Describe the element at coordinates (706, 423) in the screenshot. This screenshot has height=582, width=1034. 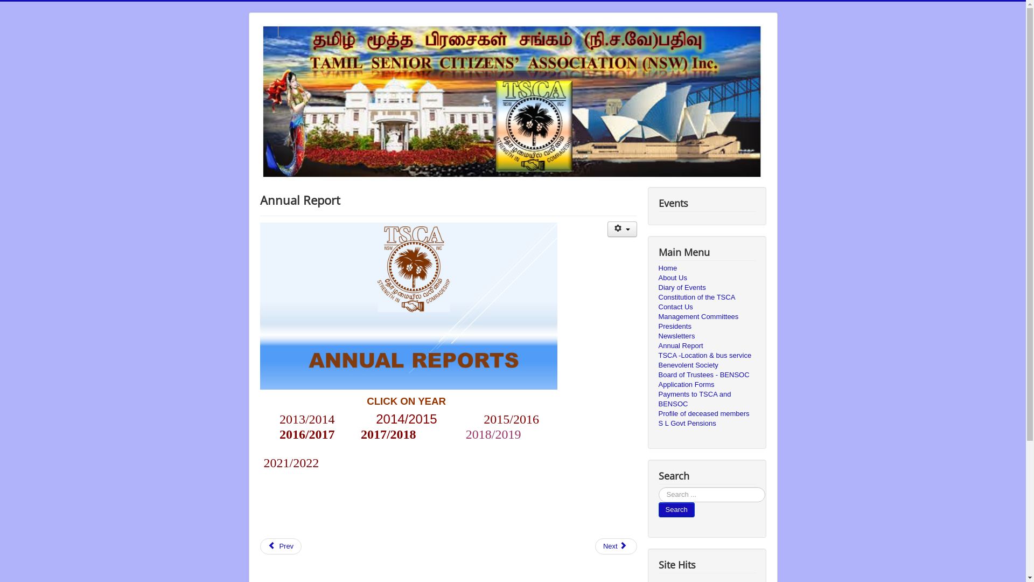
I see `'S L Govt Pensions'` at that location.